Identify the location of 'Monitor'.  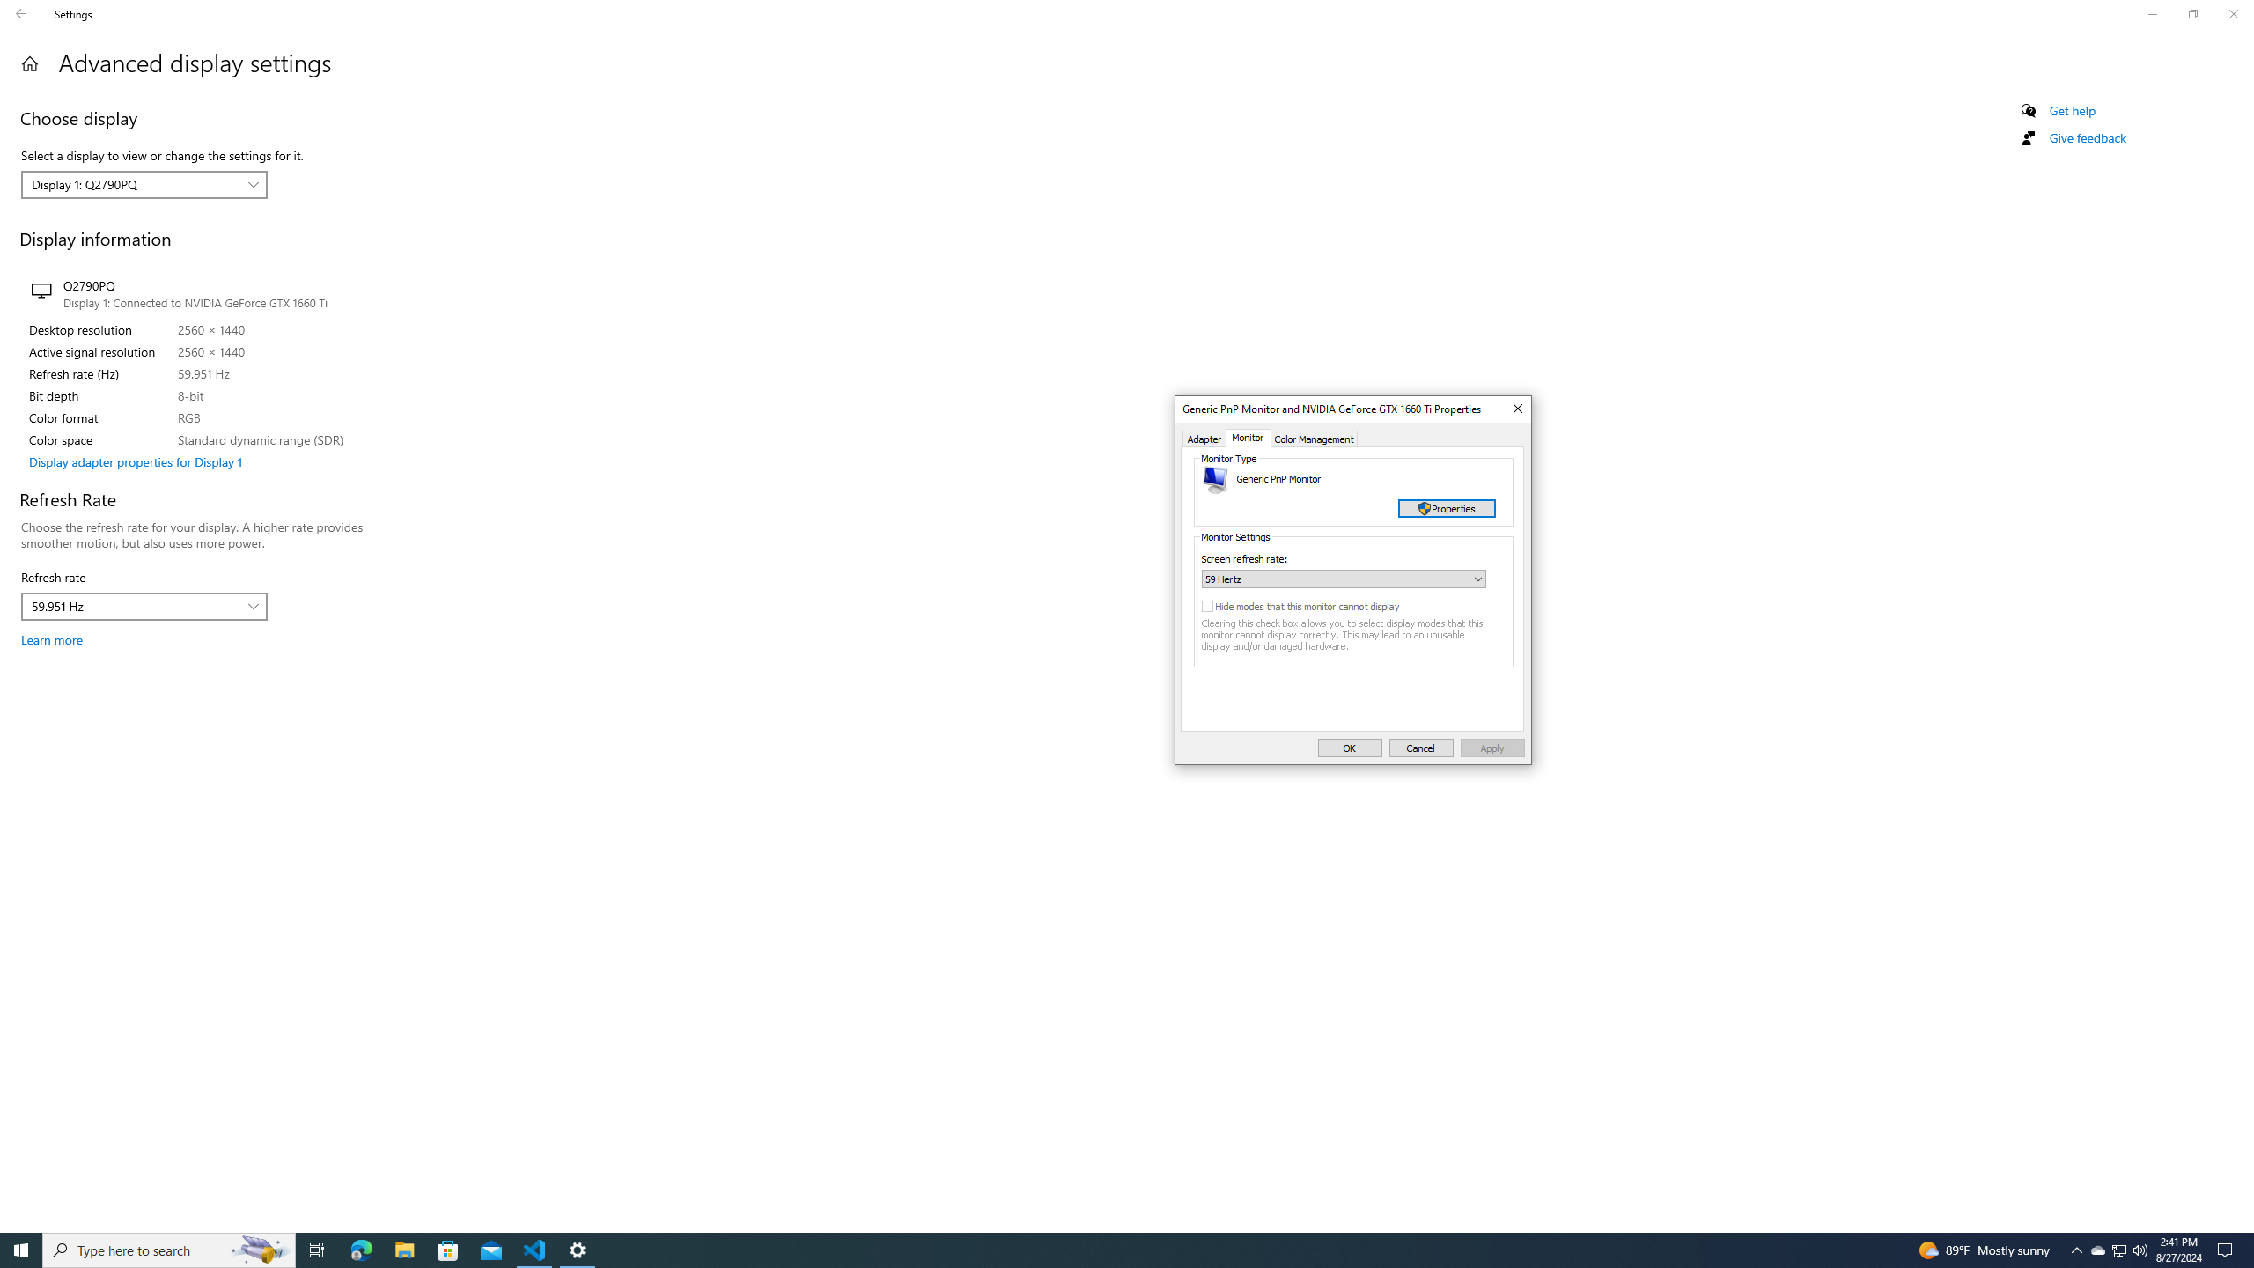
(1249, 438).